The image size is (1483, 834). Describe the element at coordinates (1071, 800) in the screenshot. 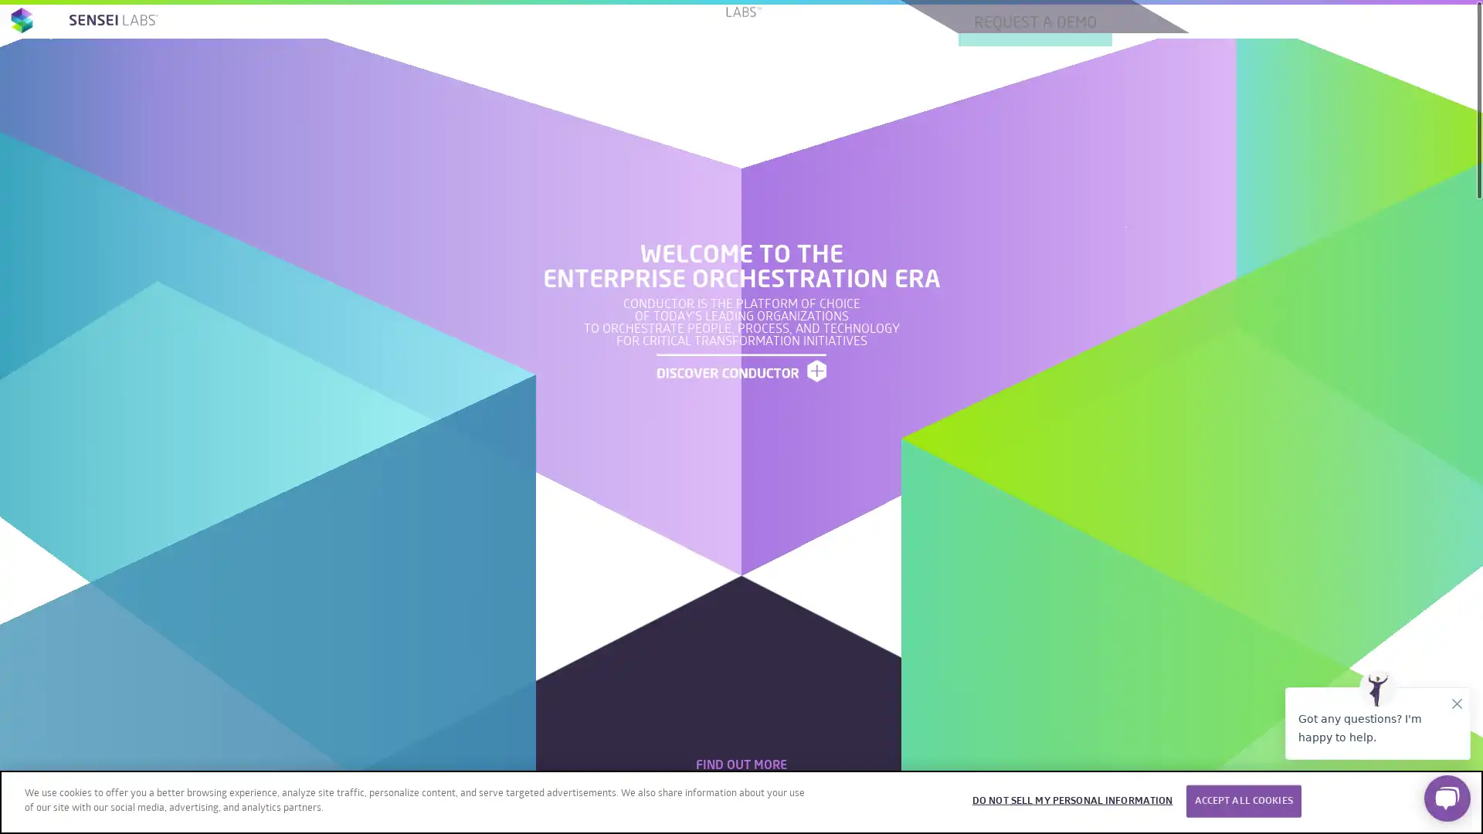

I see `DO NOT SELL MY PERSONAL INFORMATION` at that location.